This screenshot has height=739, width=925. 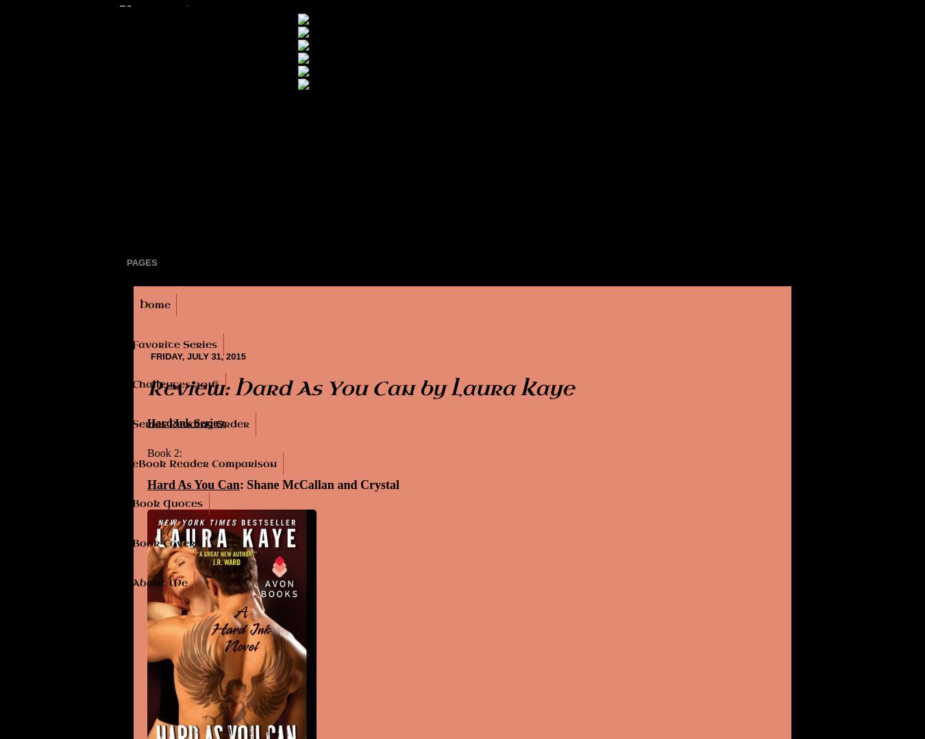 I want to click on 'eBook Reader Comparison', so click(x=203, y=464).